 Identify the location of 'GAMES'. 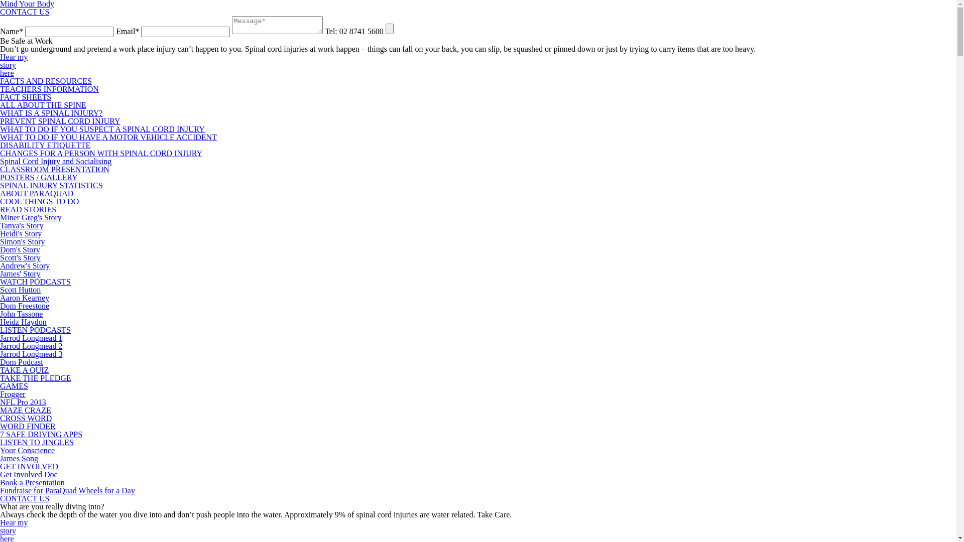
(14, 385).